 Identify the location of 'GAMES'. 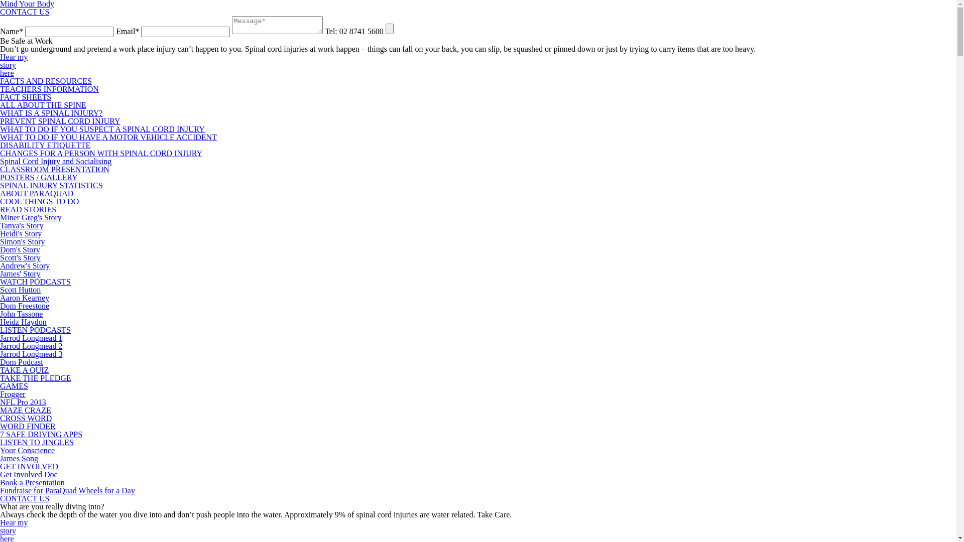
(14, 385).